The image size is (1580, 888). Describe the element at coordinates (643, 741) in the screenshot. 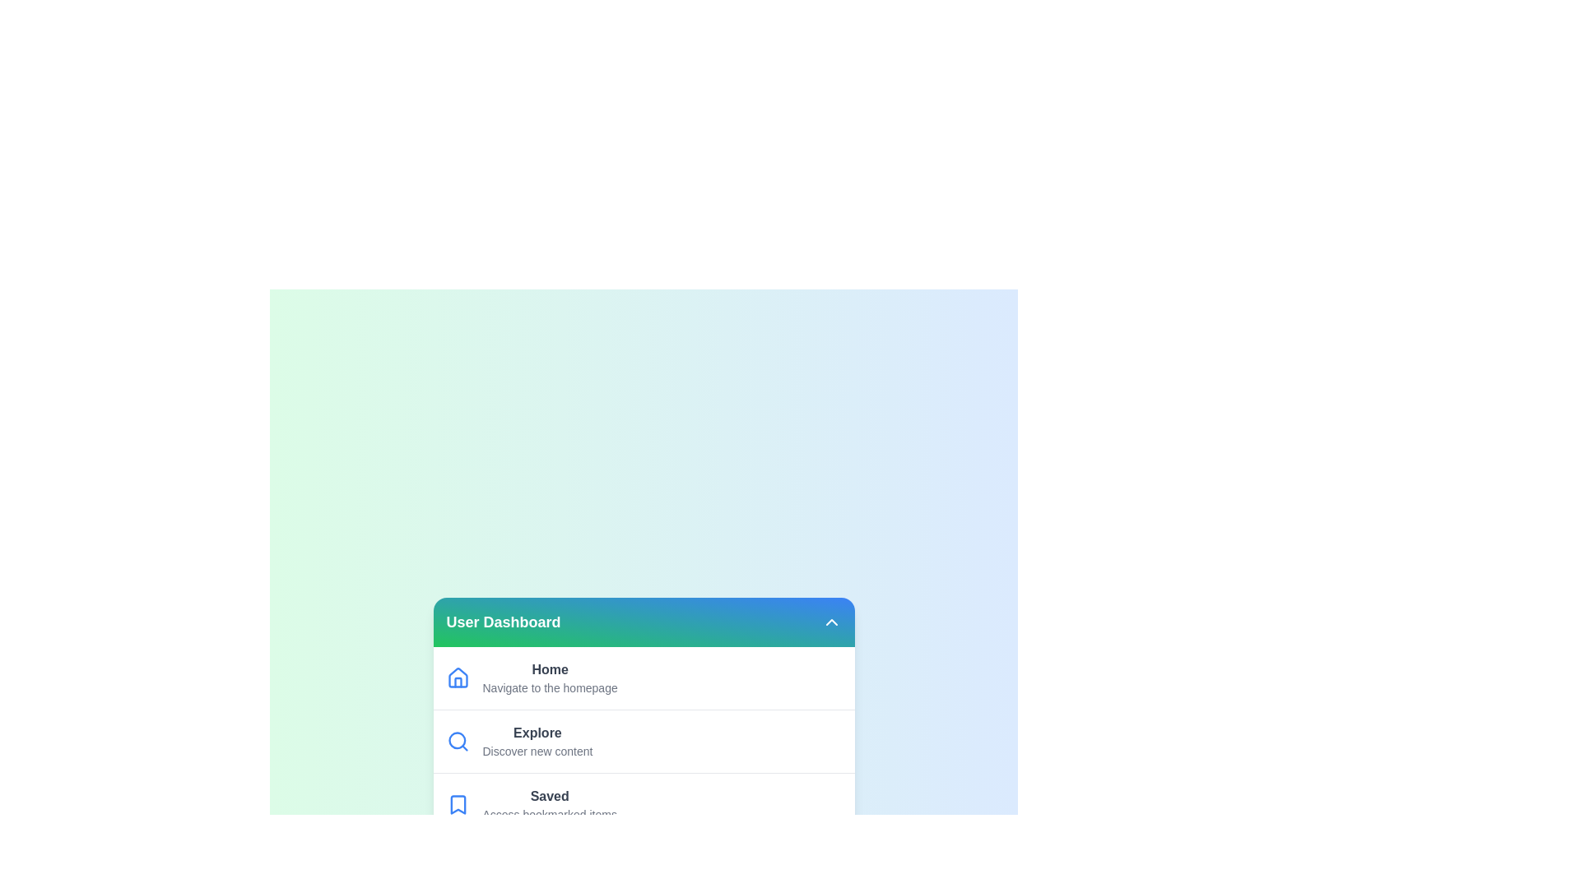

I see `the menu item Explore to reveal its hover effect` at that location.